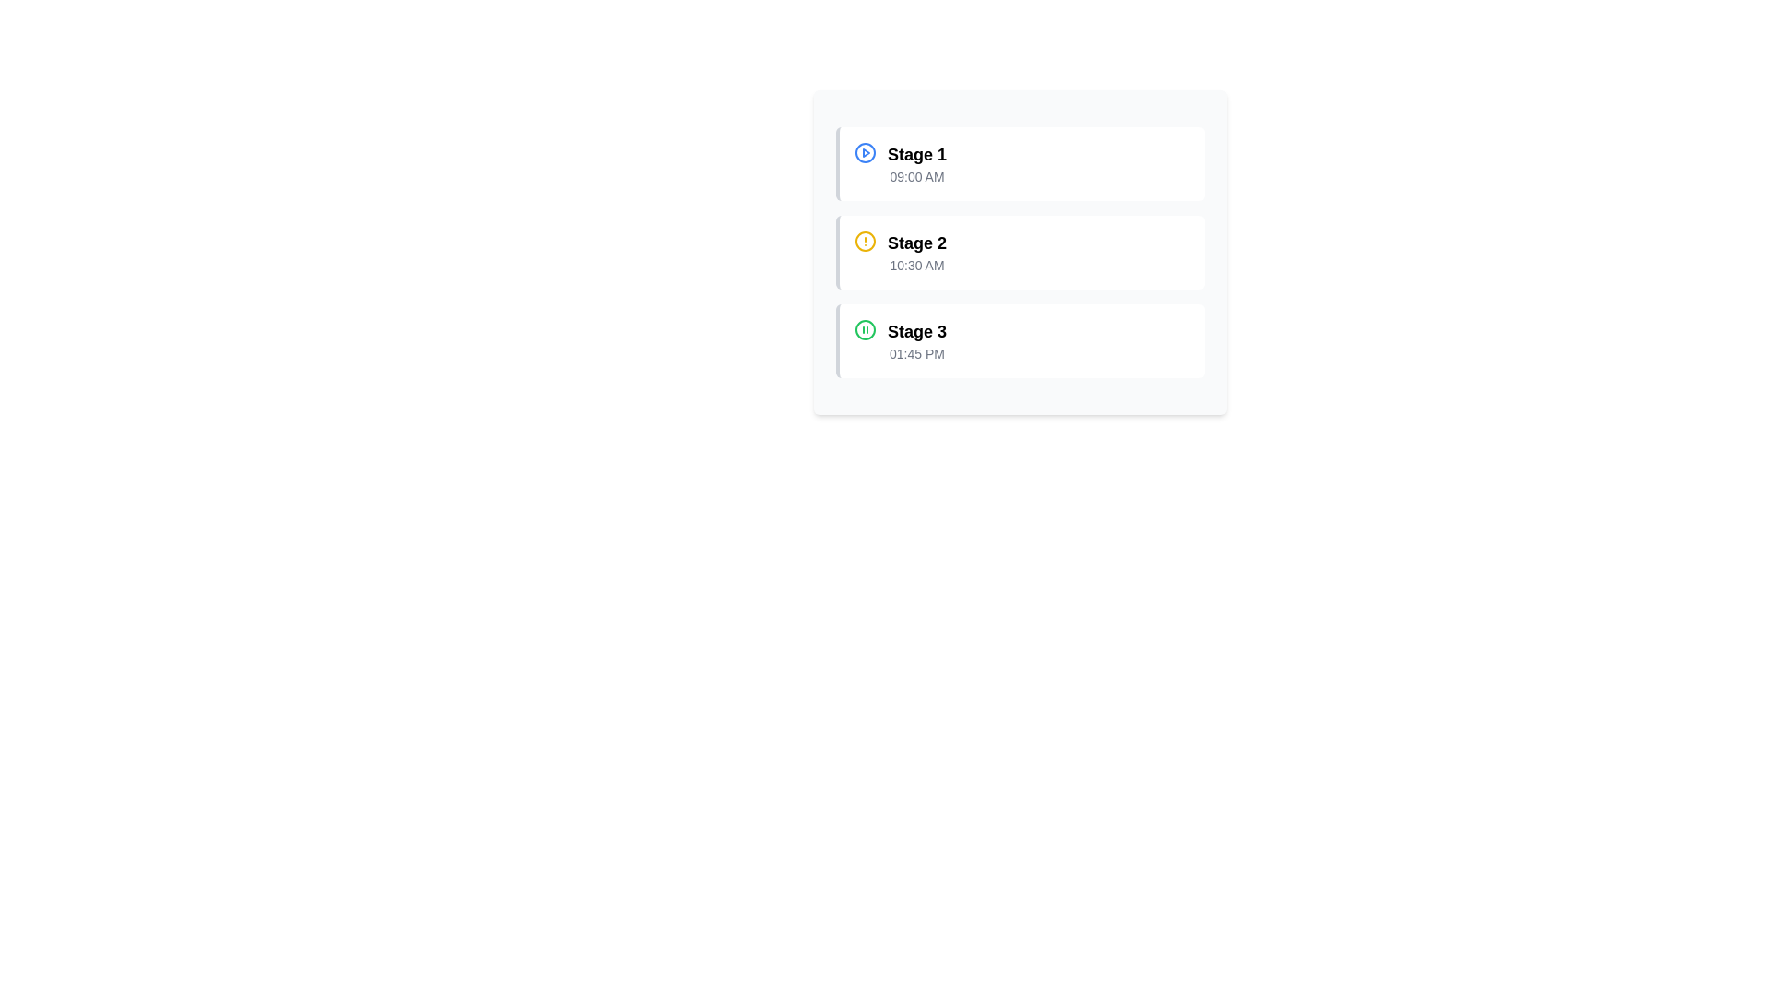 Image resolution: width=1770 pixels, height=996 pixels. I want to click on the 'Stage 2' label located within the second item of a vertically stacked list, positioned centrally above the text '10:30 AM', so click(916, 242).